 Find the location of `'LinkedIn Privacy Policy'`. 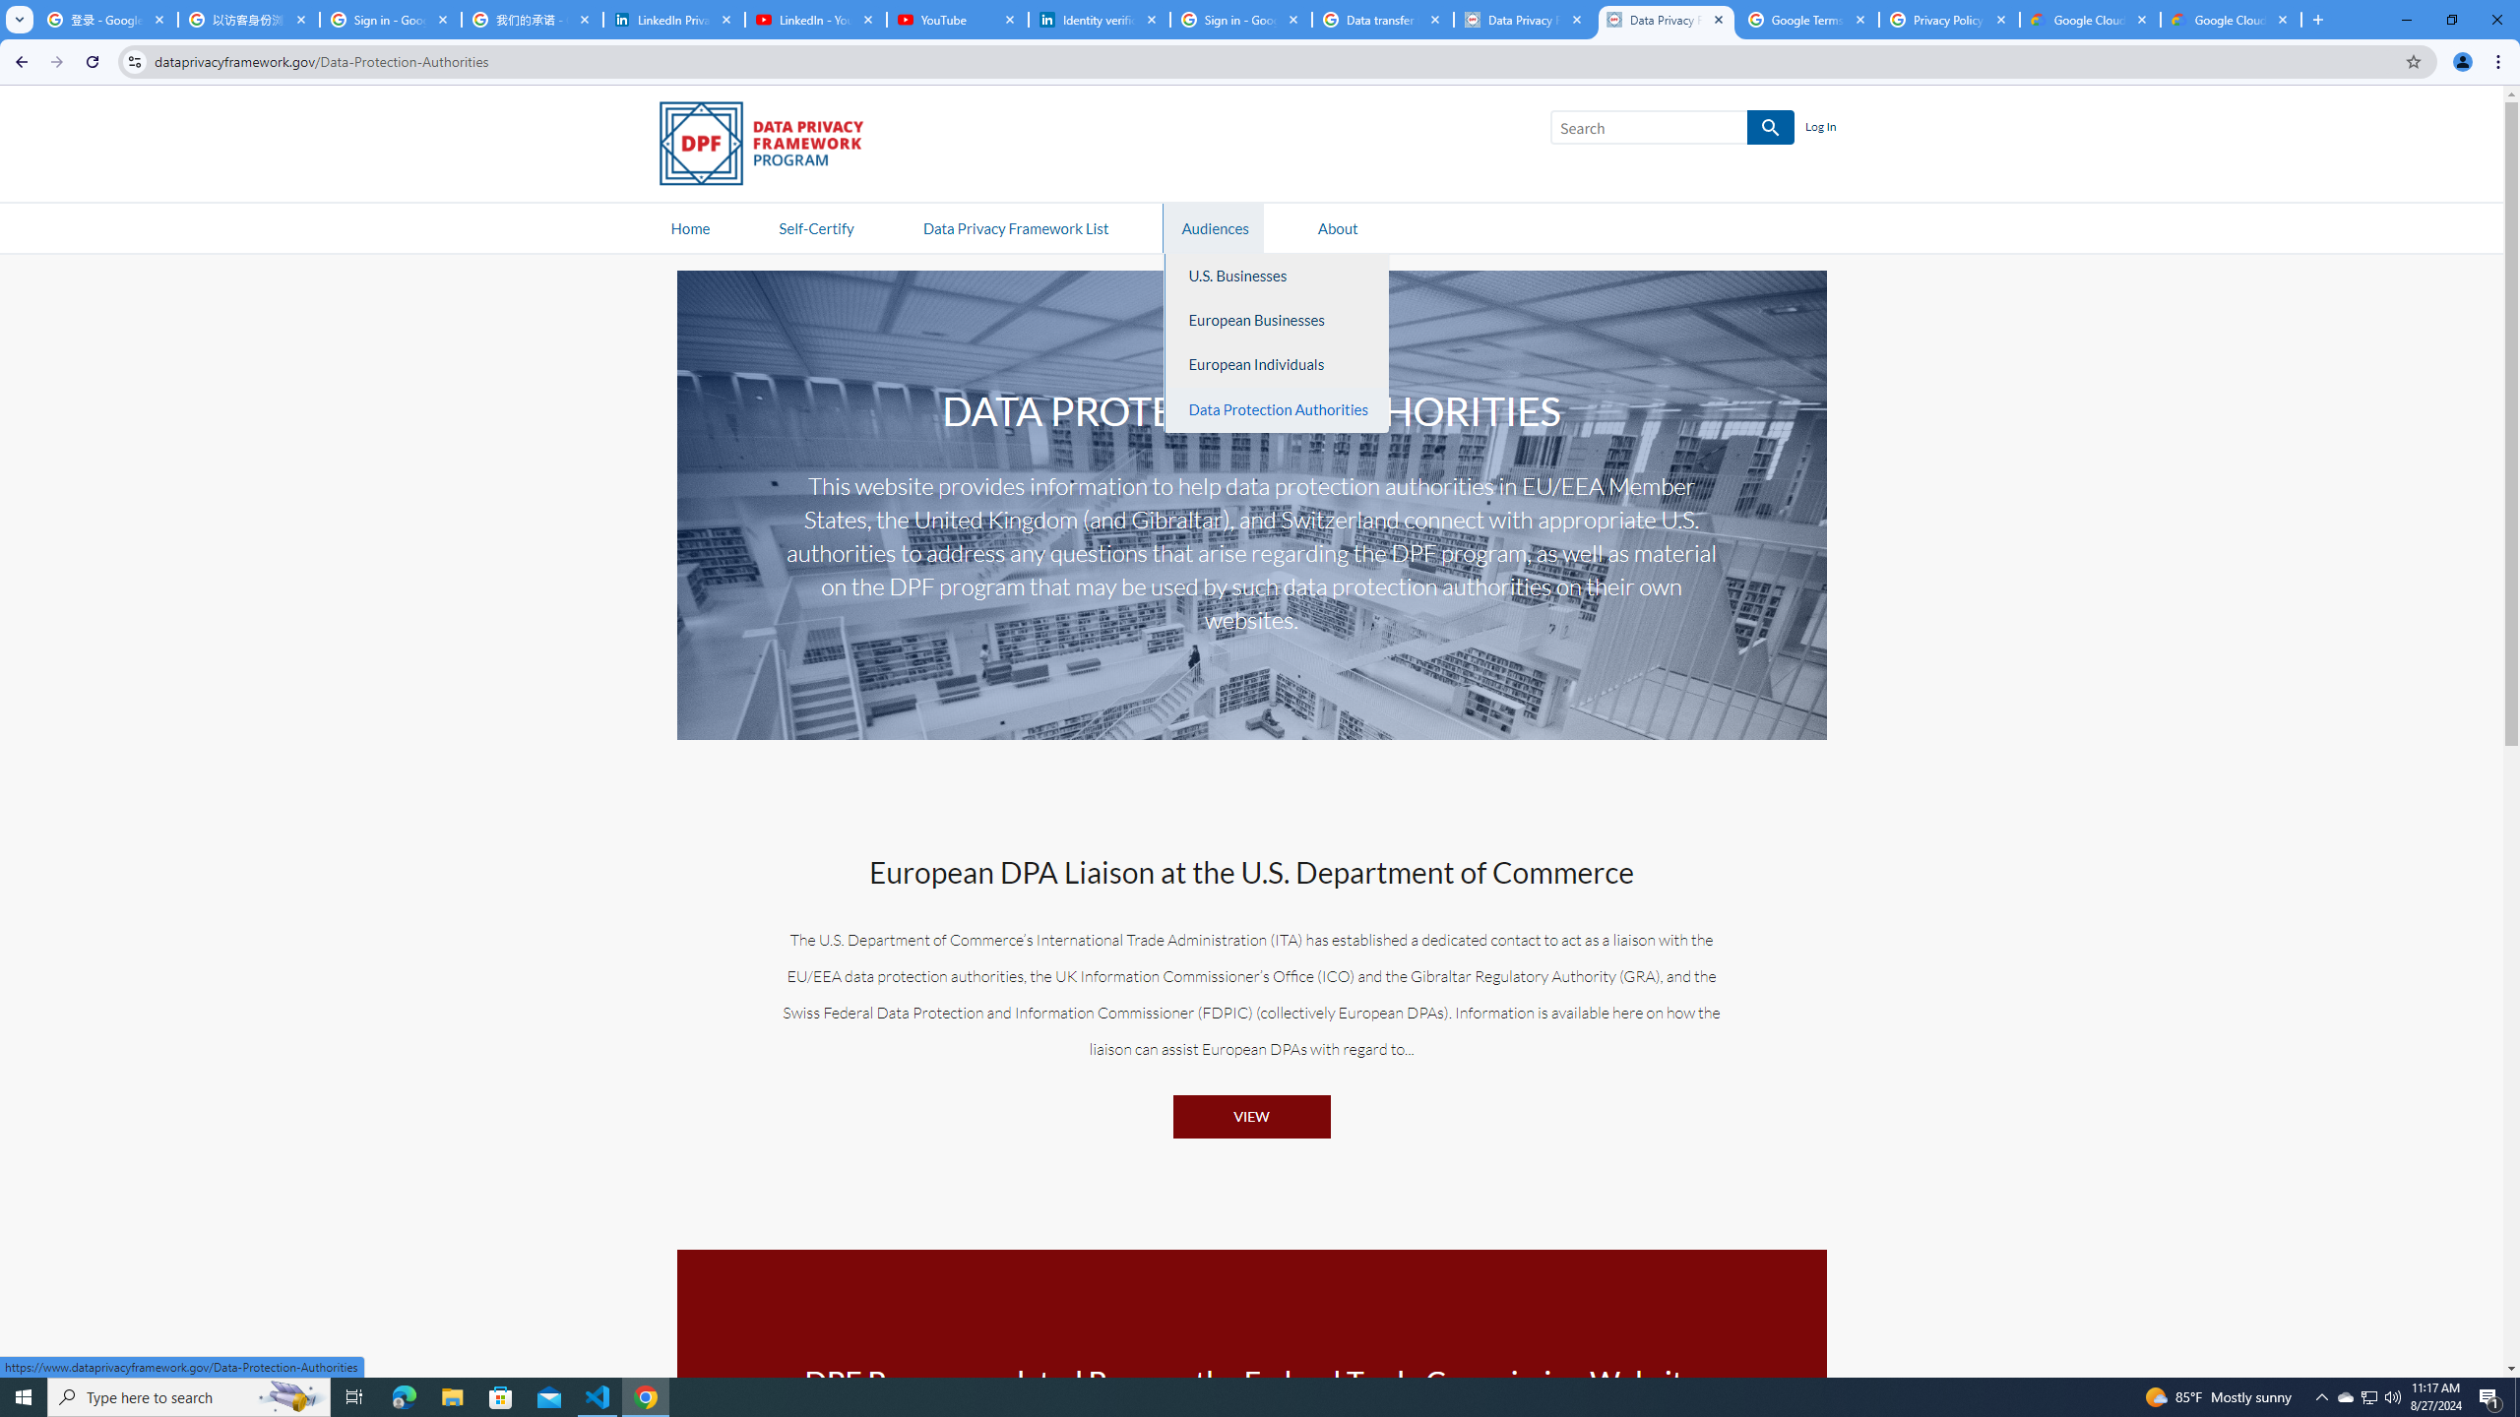

'LinkedIn Privacy Policy' is located at coordinates (673, 19).